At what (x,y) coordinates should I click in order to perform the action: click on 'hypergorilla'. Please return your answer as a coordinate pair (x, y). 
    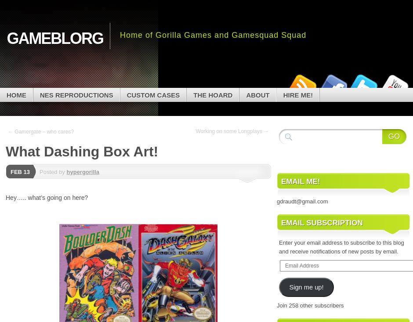
    Looking at the image, I should click on (83, 171).